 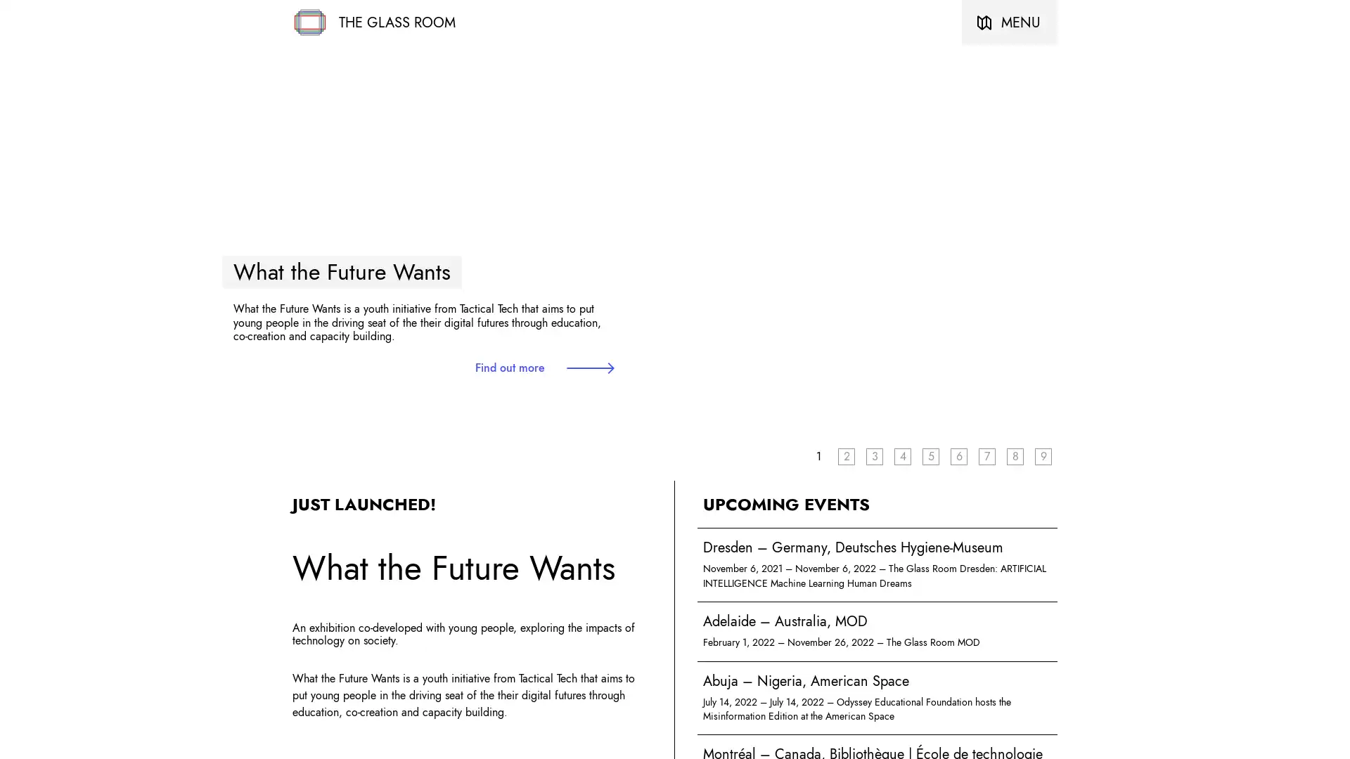 What do you see at coordinates (902, 455) in the screenshot?
I see `slide item 4` at bounding box center [902, 455].